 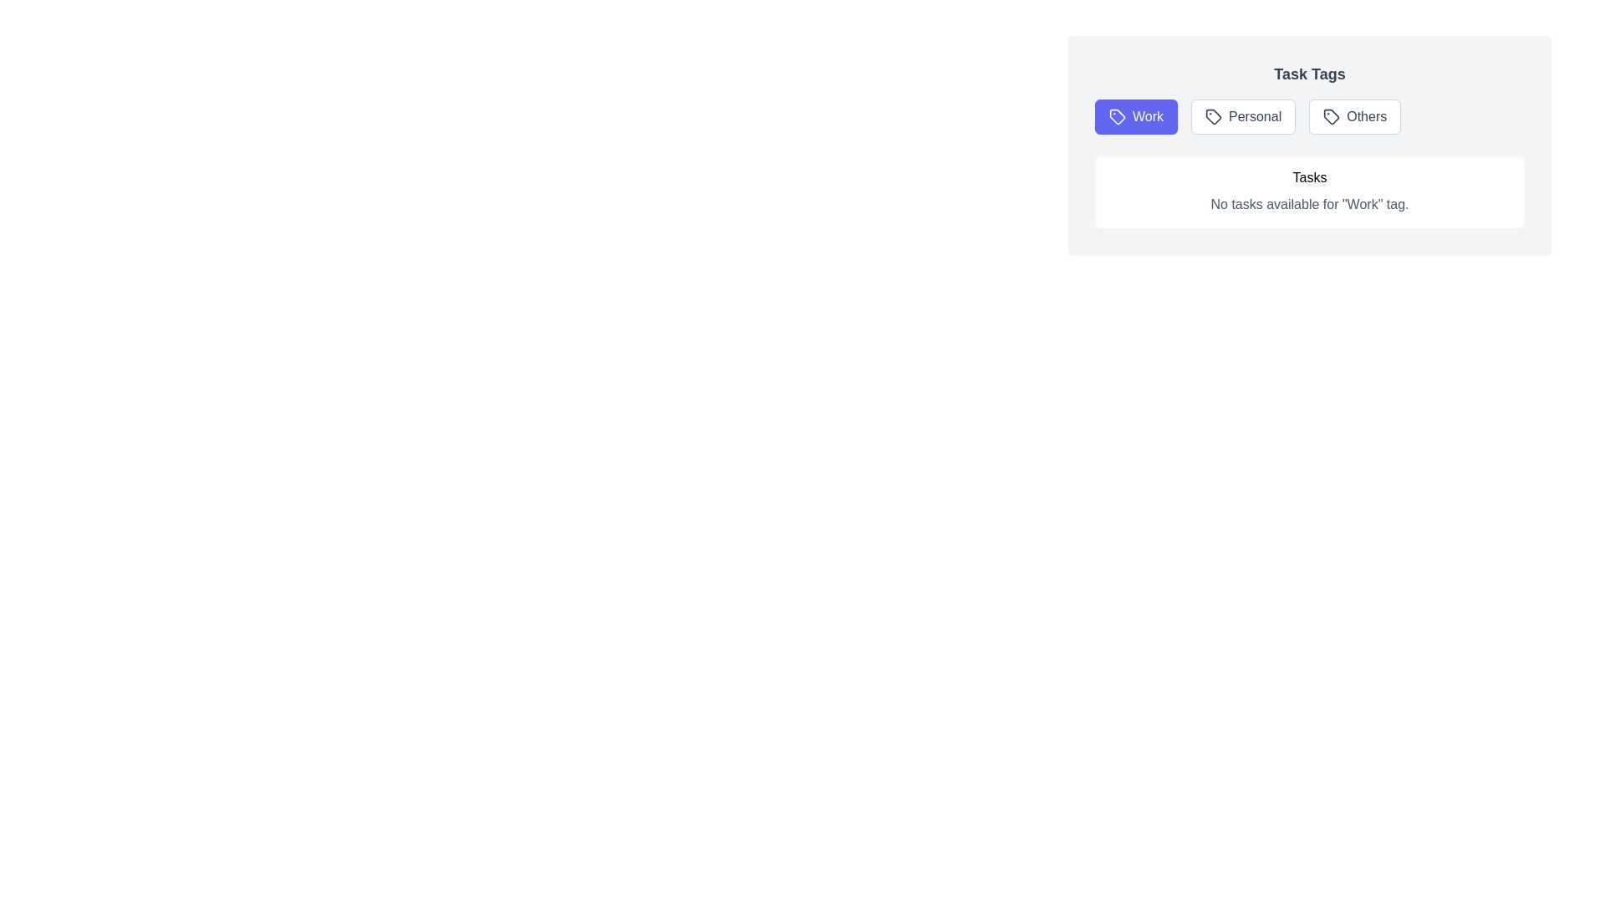 What do you see at coordinates (1355, 115) in the screenshot?
I see `the 'Others' button in the 'Task Tags' section to filter items based on the 'Others' tag` at bounding box center [1355, 115].